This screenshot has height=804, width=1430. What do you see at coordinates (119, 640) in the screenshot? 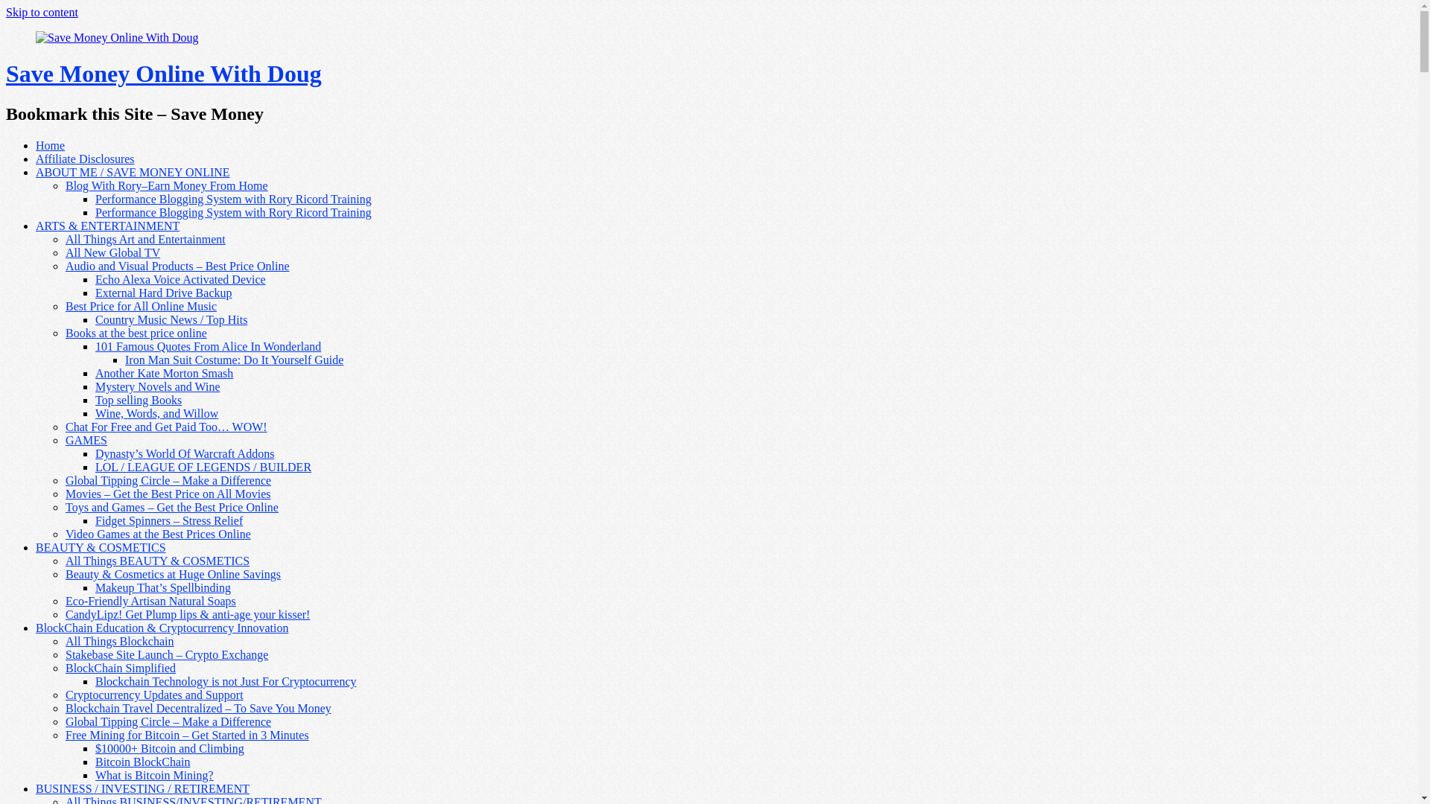
I see `'All Things Blockchain'` at bounding box center [119, 640].